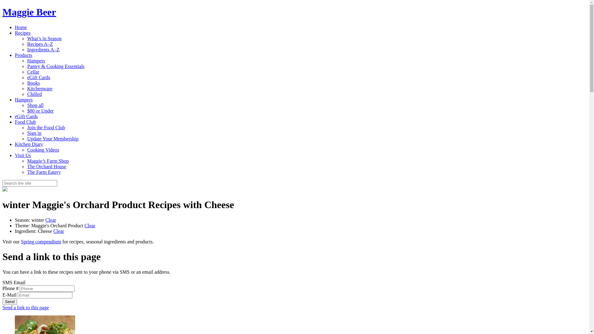 The height and width of the screenshot is (334, 594). What do you see at coordinates (53, 231) in the screenshot?
I see `'Clear'` at bounding box center [53, 231].